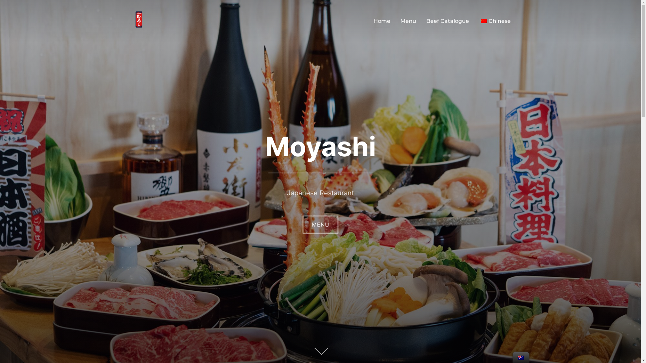  I want to click on 'Chinese', so click(483, 20).